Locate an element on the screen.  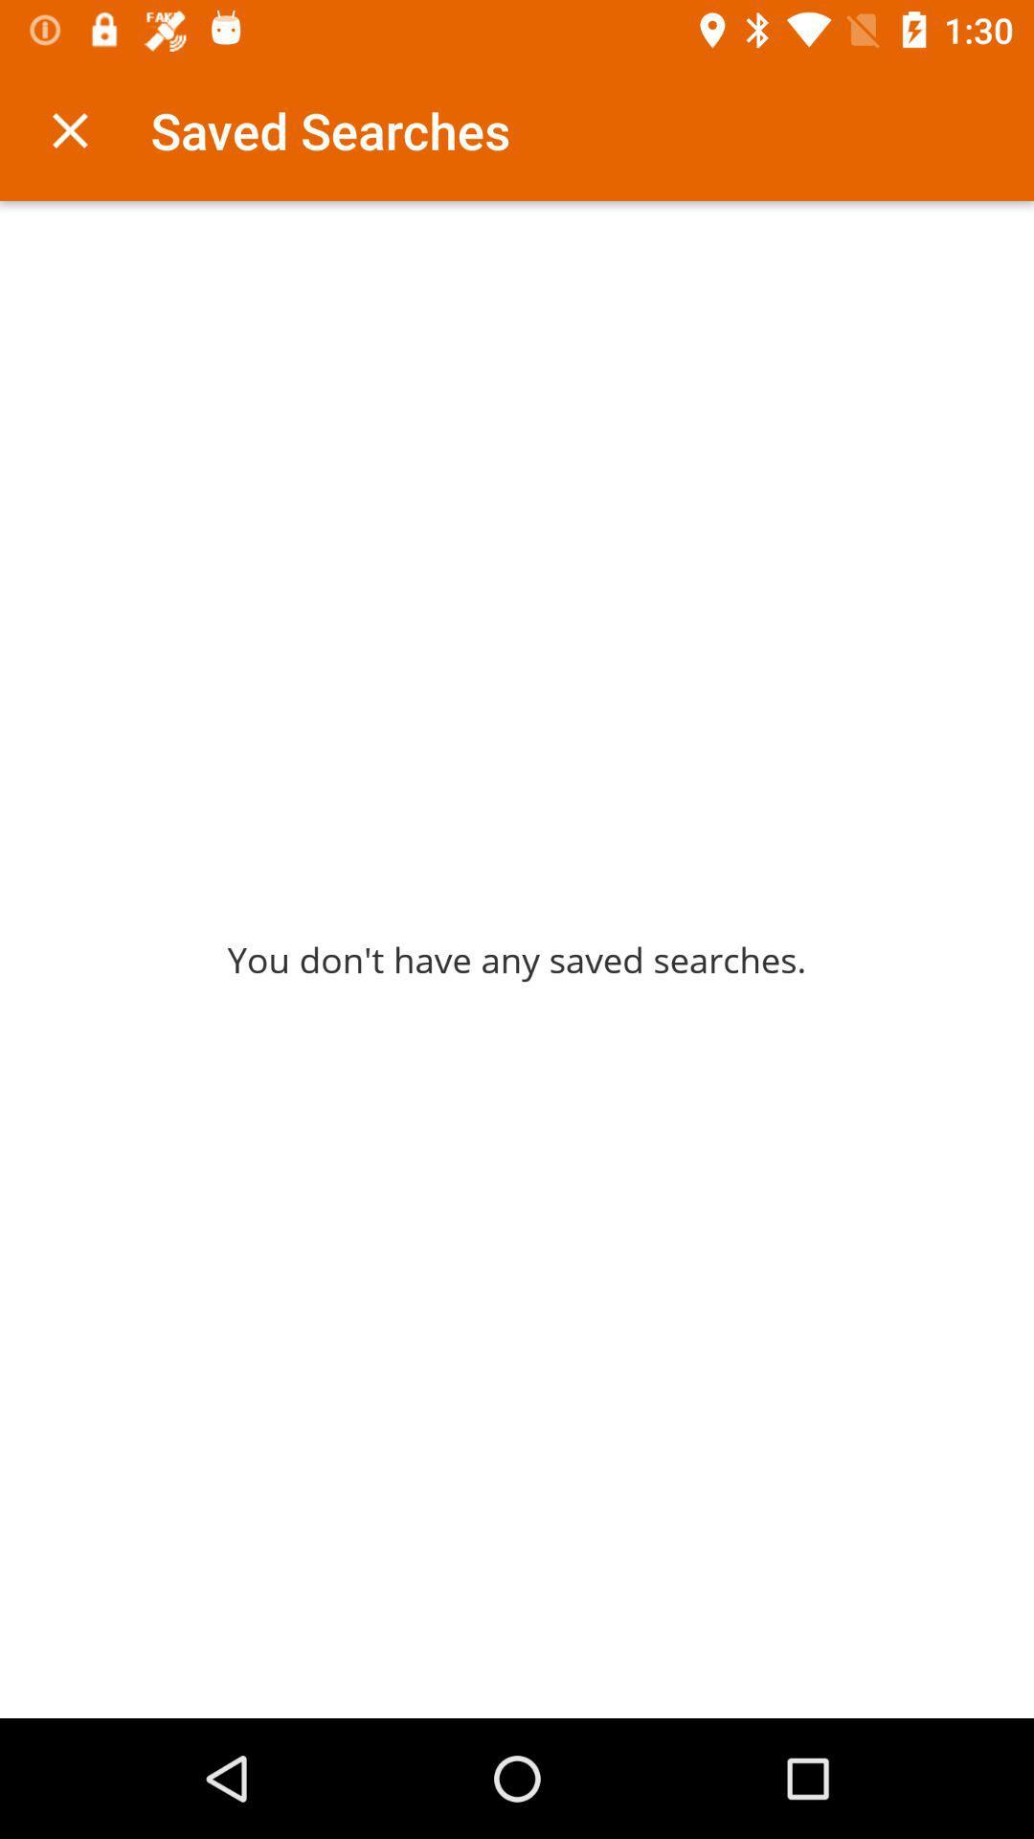
icon to the left of saved searches item is located at coordinates (69, 129).